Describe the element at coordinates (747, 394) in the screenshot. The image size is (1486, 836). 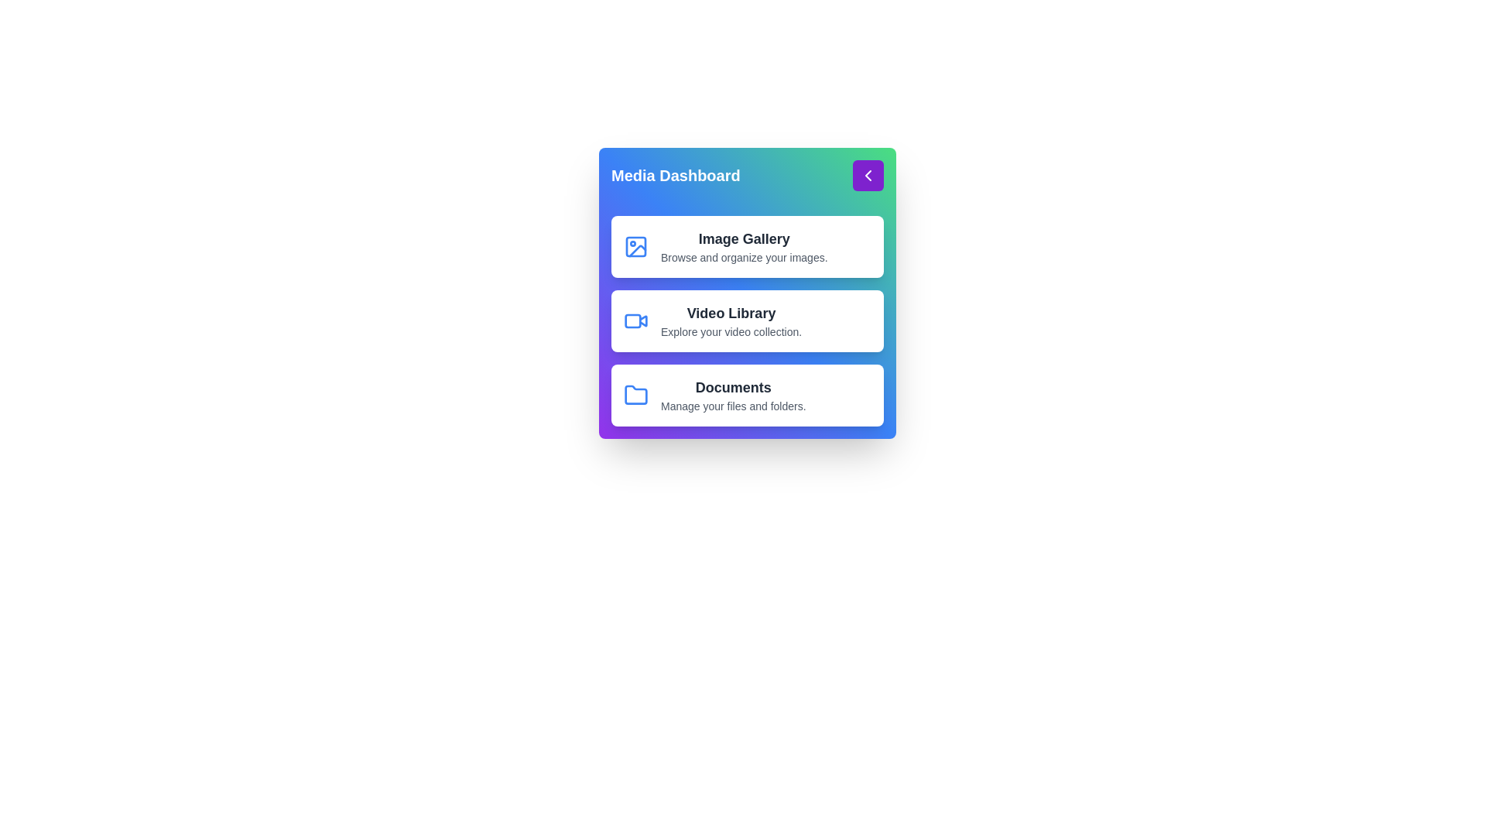
I see `the gallery option Documents from the menu` at that location.